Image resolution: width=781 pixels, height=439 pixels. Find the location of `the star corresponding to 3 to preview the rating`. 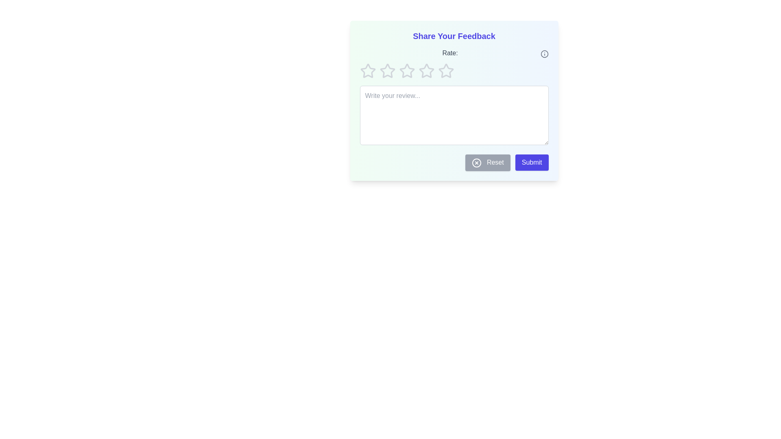

the star corresponding to 3 to preview the rating is located at coordinates (407, 70).